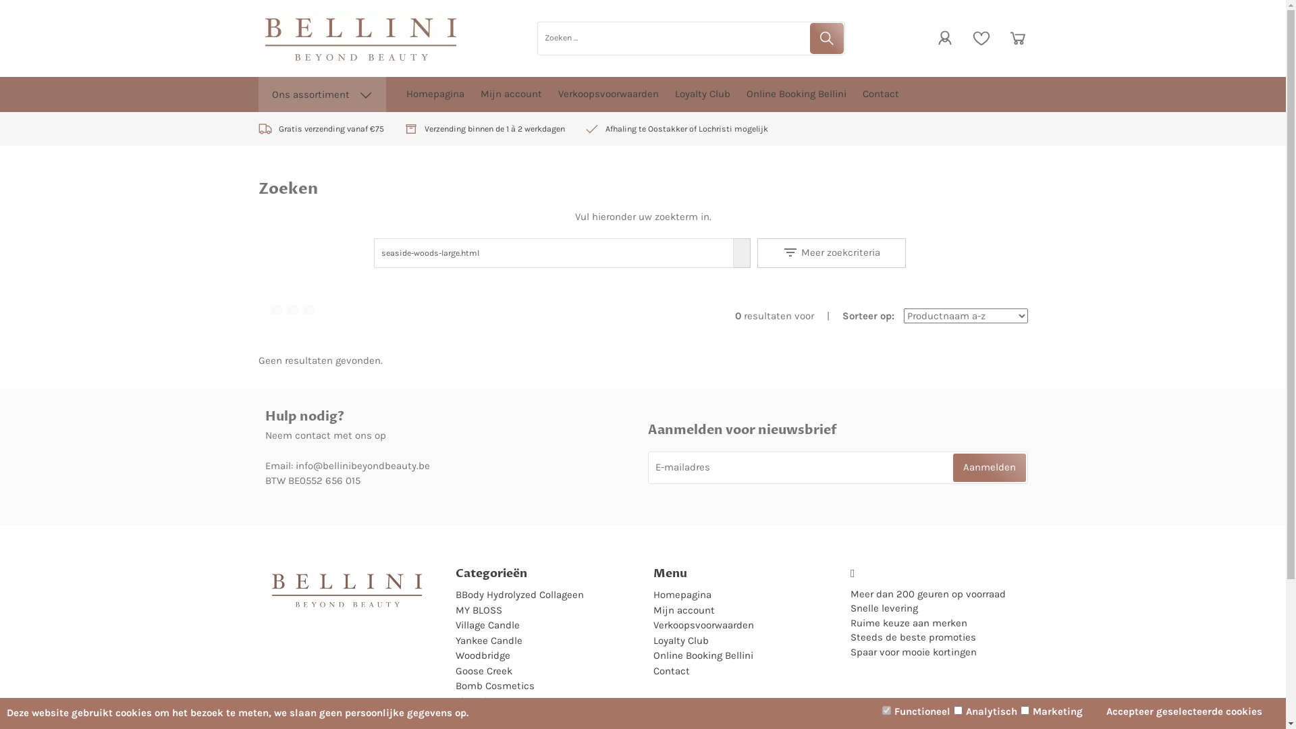 Image resolution: width=1296 pixels, height=729 pixels. Describe the element at coordinates (1007, 37) in the screenshot. I see `'Winkelwagen'` at that location.